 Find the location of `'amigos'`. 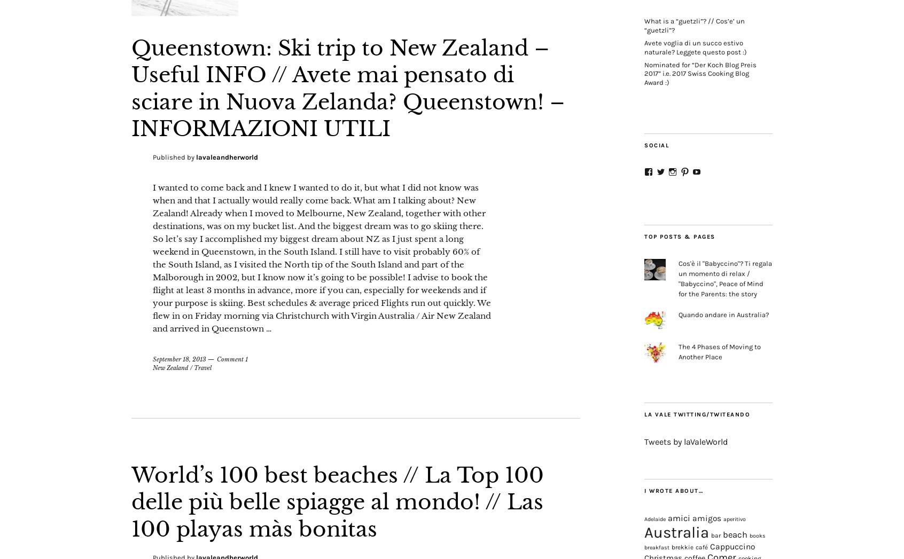

'amigos' is located at coordinates (706, 517).